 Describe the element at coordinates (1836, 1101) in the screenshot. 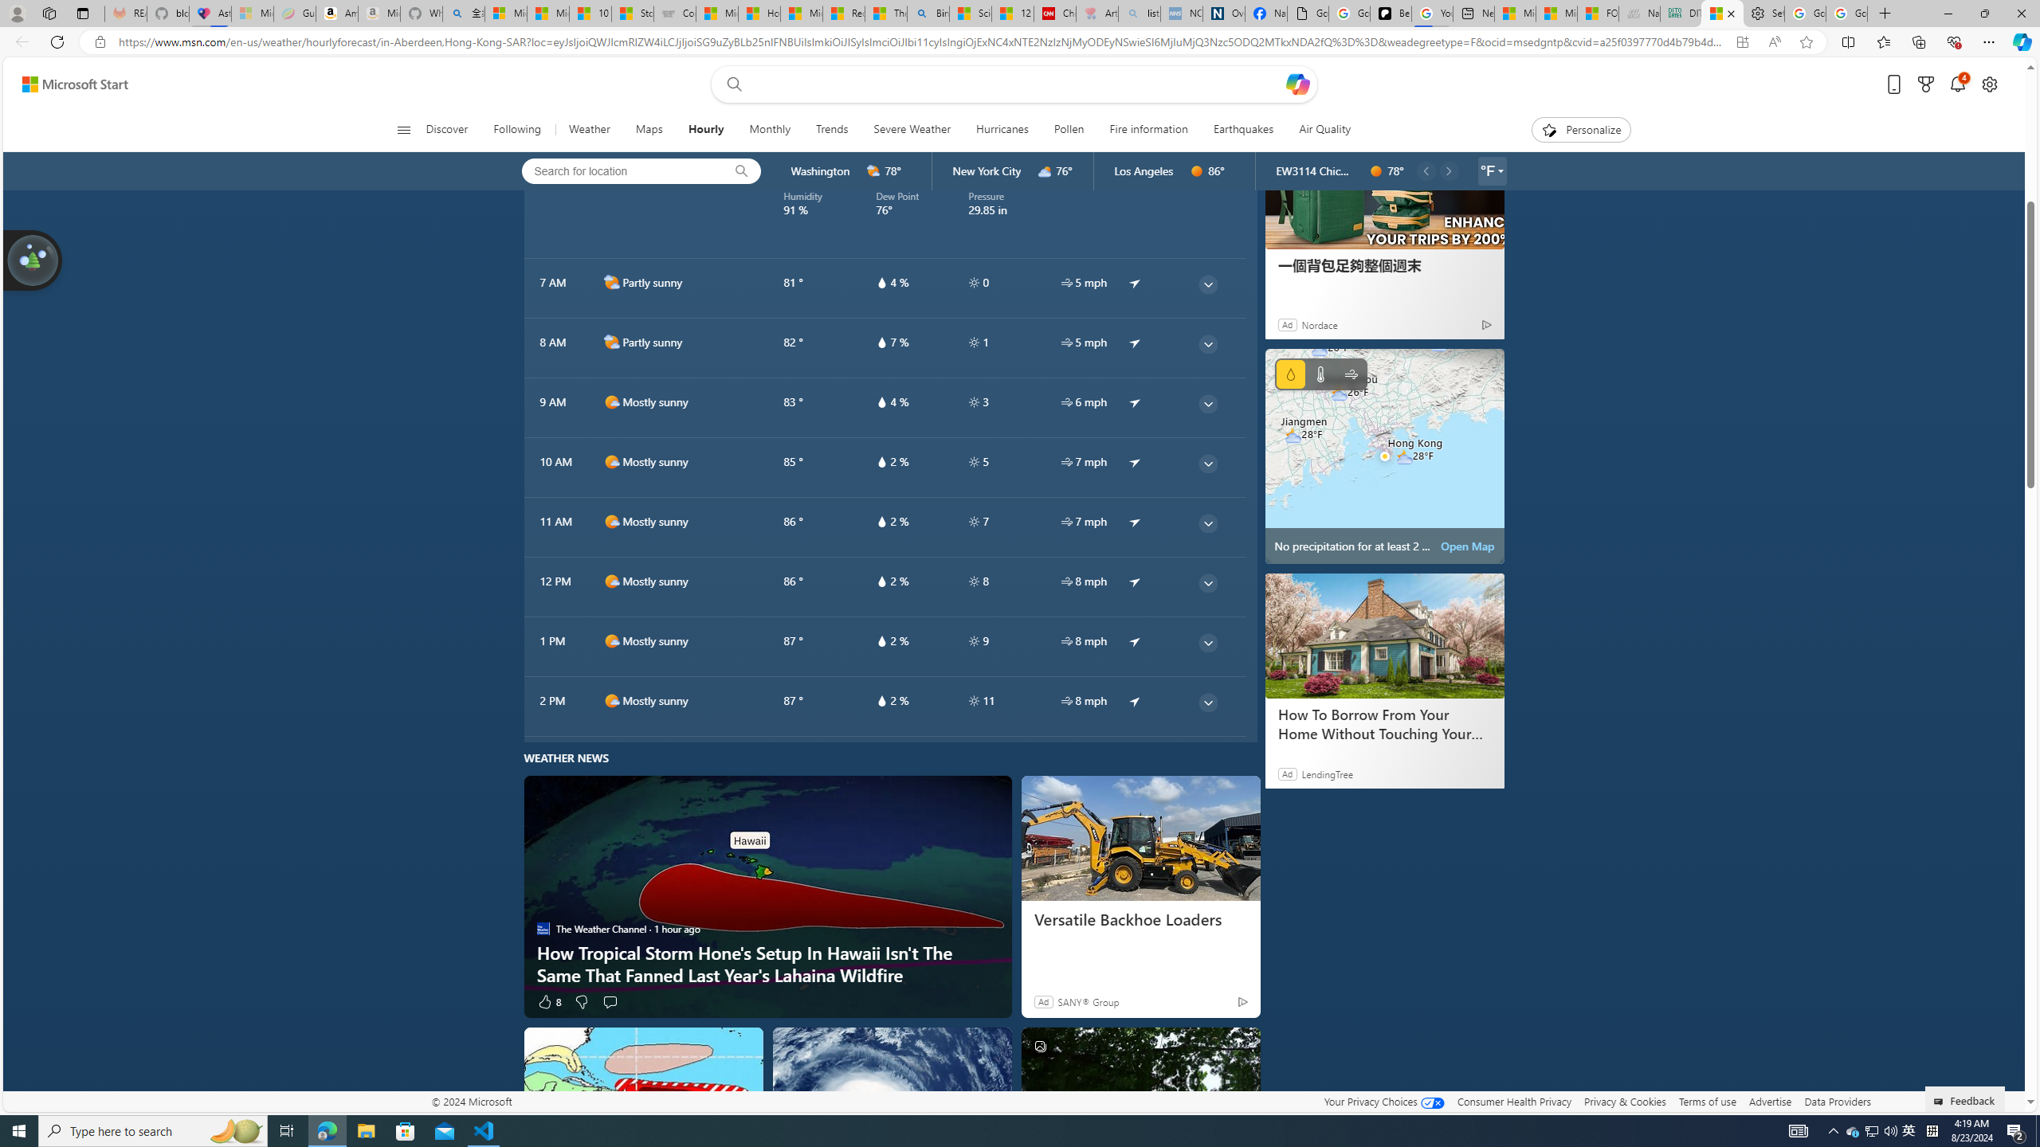

I see `'Data Providers'` at that location.